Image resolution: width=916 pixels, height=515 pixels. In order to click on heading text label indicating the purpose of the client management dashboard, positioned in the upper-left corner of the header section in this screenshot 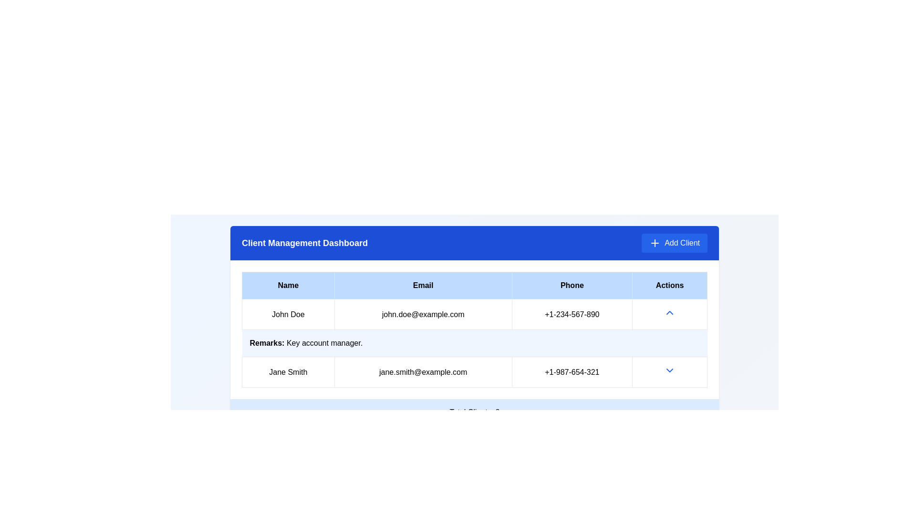, I will do `click(304, 242)`.